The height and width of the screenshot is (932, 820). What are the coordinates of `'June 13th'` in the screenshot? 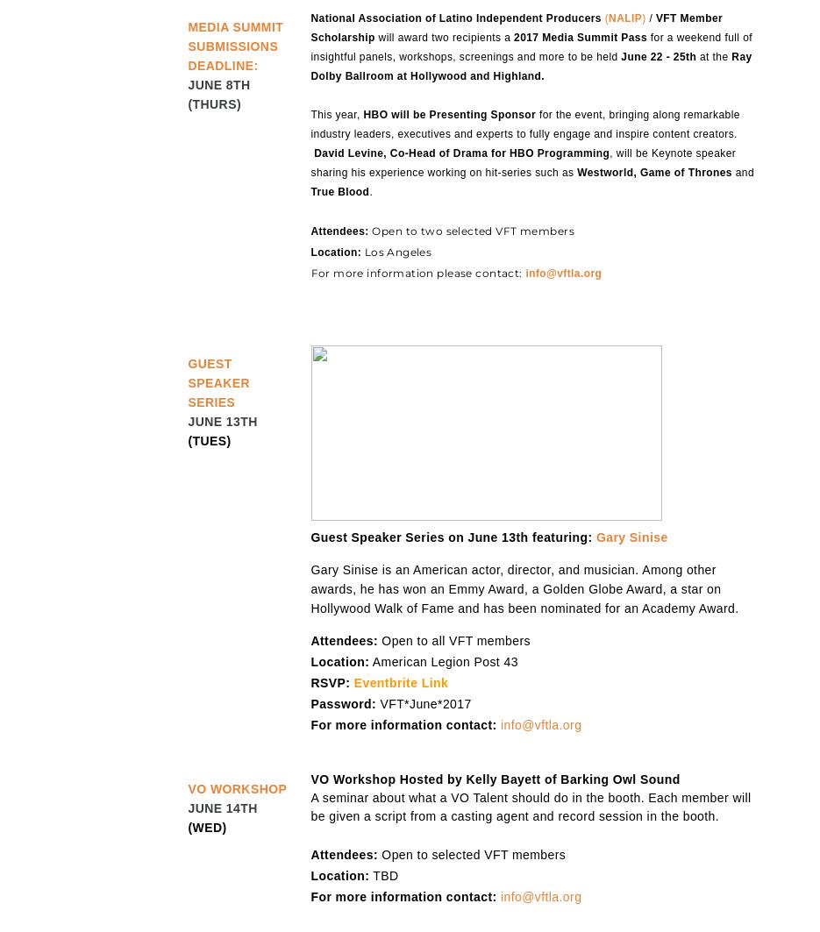 It's located at (188, 422).